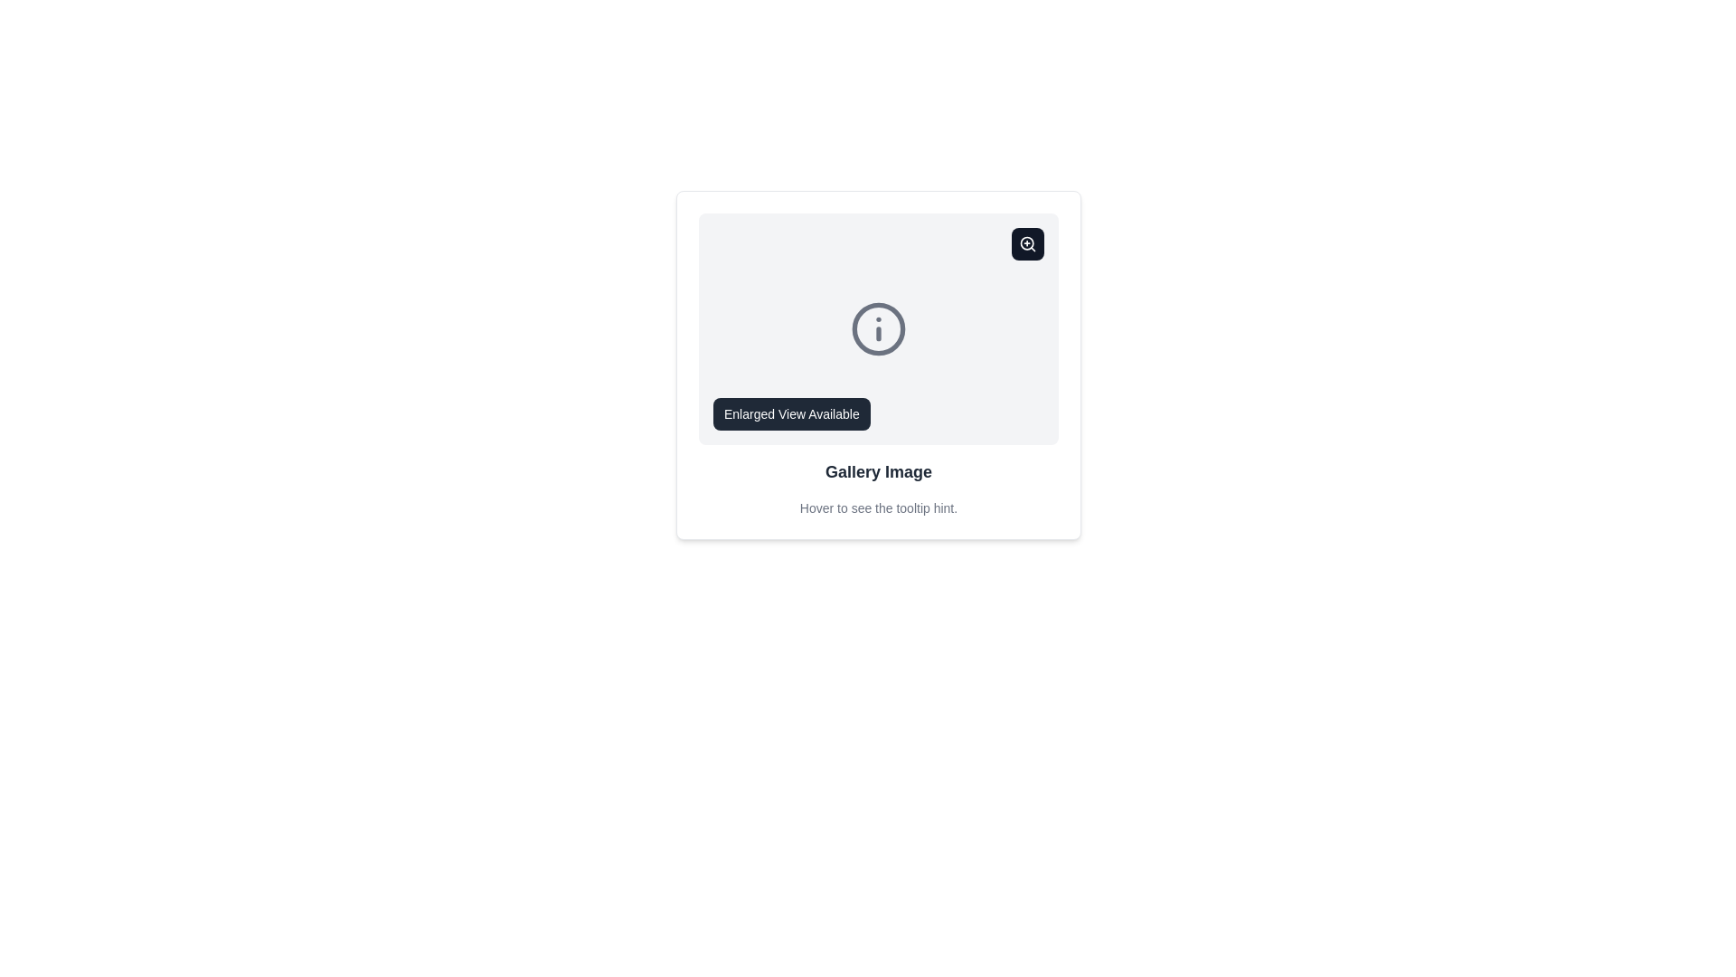  Describe the element at coordinates (878, 470) in the screenshot. I see `the Text Label that serves as a title for the section, located centrally below an informational icon and tooltip hint` at that location.